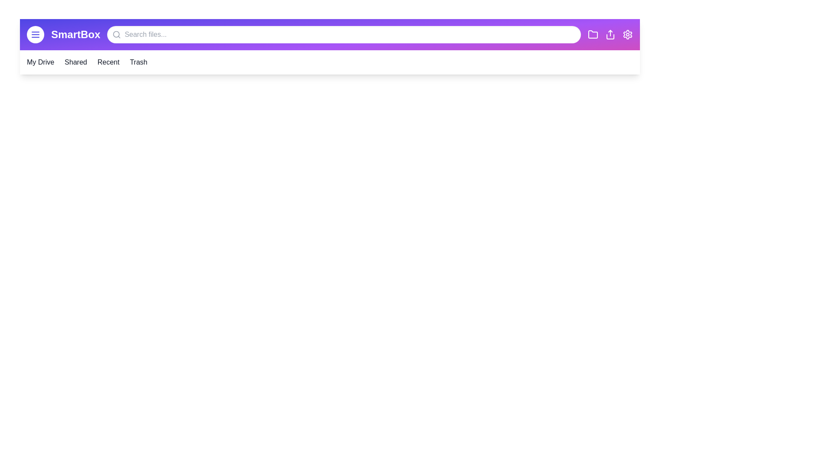 This screenshot has width=833, height=468. What do you see at coordinates (35, 34) in the screenshot?
I see `the menu button to toggle the menu expansion` at bounding box center [35, 34].